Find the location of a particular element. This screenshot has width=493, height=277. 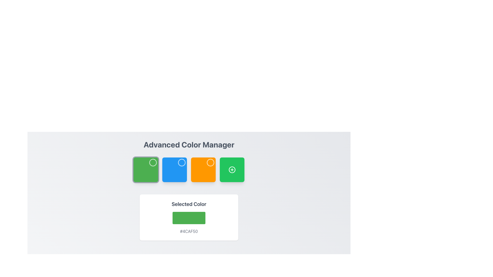

the second square component in the color selection grid is located at coordinates (175, 170).